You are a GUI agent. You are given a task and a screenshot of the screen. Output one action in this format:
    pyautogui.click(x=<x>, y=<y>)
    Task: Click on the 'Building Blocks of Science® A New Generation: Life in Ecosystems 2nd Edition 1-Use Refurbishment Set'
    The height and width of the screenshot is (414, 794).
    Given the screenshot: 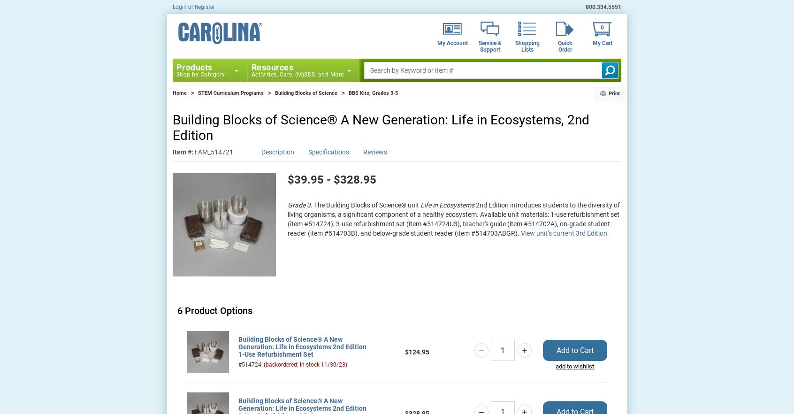 What is the action you would take?
    pyautogui.click(x=302, y=345)
    